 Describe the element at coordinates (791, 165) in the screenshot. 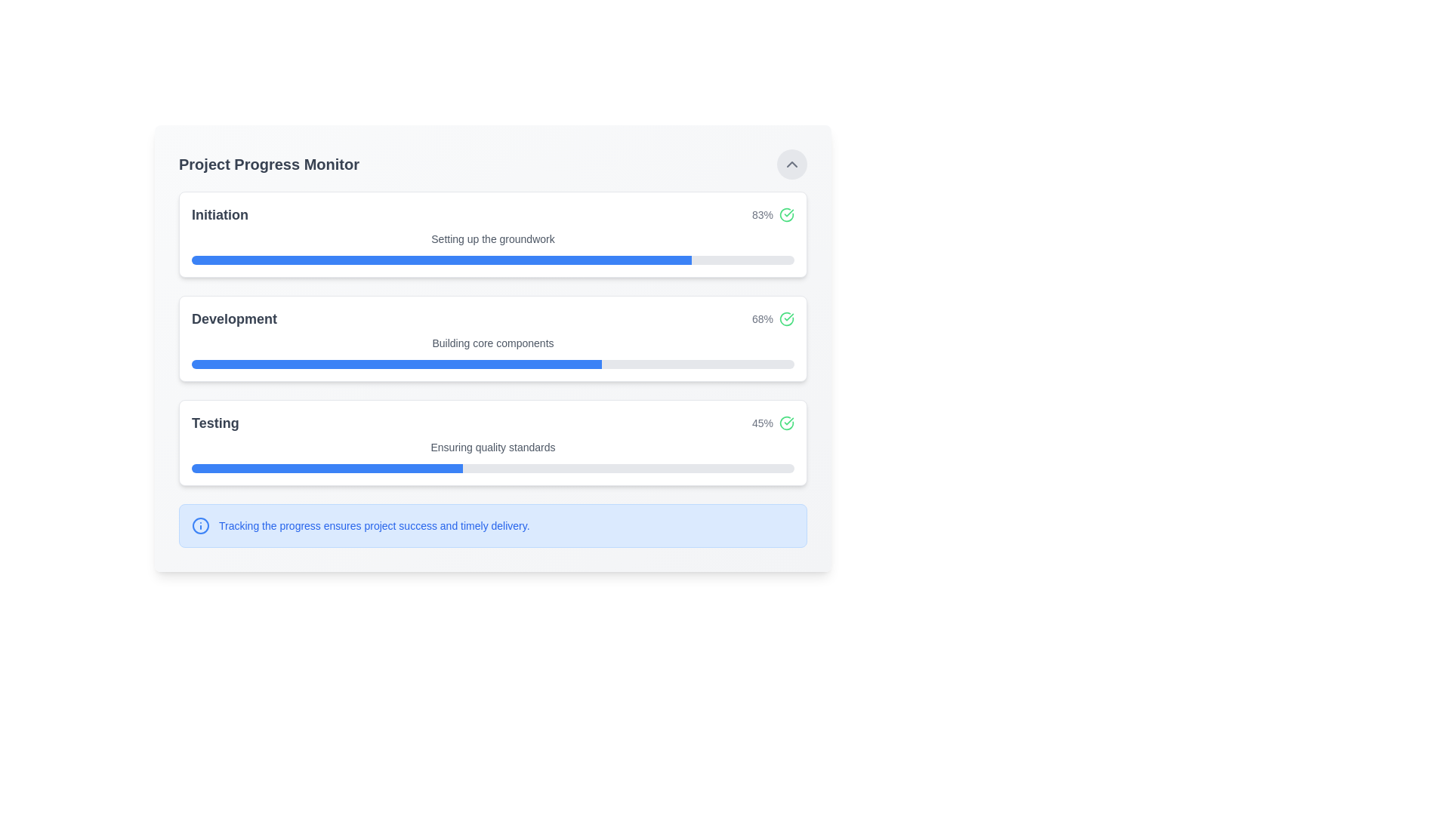

I see `the circular button with a gray background and an upward-pointing chevron arrow icon located` at that location.